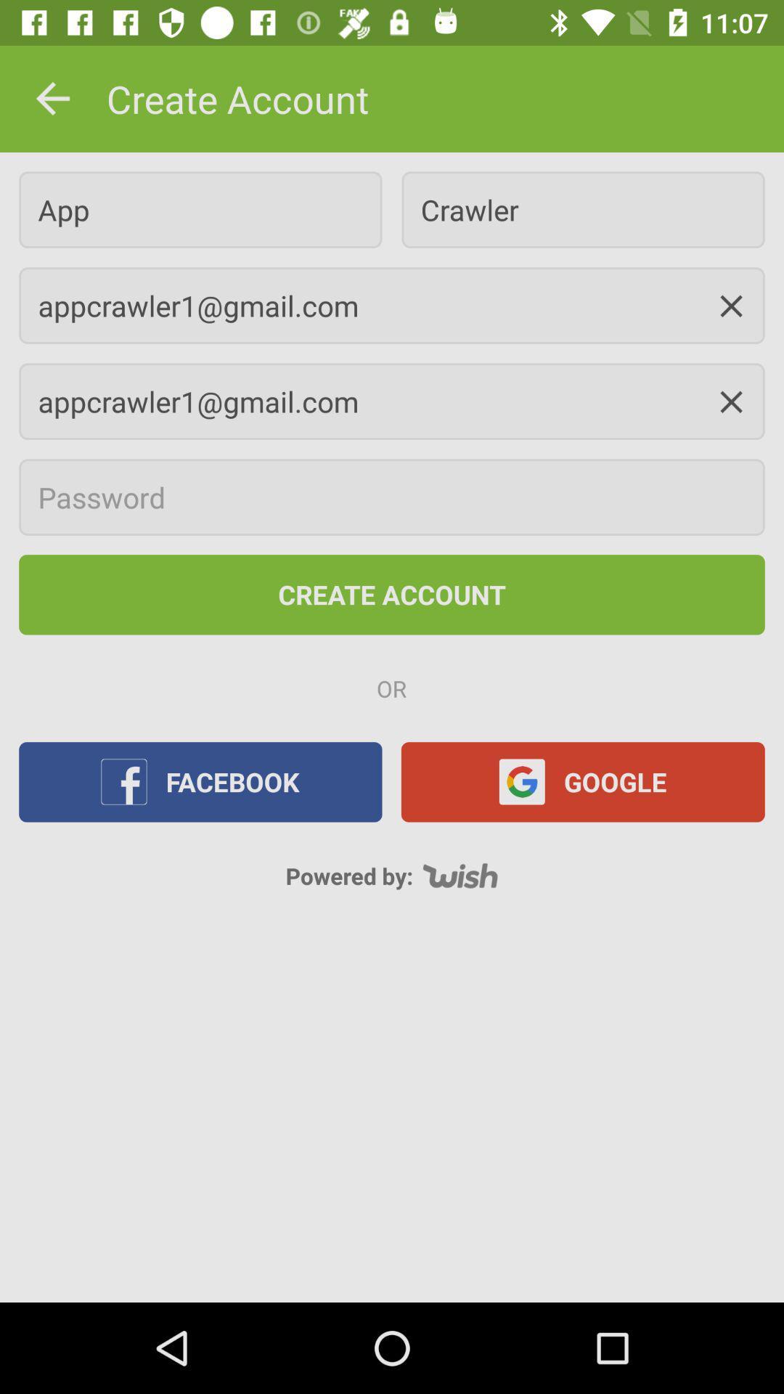 Image resolution: width=784 pixels, height=1394 pixels. I want to click on the item to the left of create account icon, so click(52, 98).